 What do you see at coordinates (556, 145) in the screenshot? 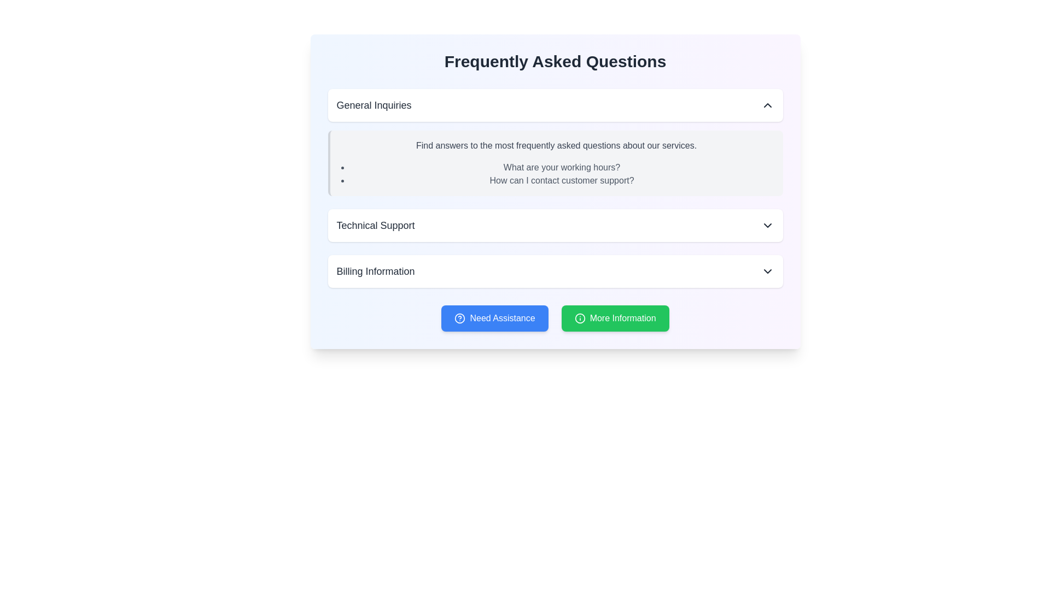
I see `text content that states 'Find answers to the most frequently asked questions about our services.' located in the 'General Inquiries' section of the page` at bounding box center [556, 145].